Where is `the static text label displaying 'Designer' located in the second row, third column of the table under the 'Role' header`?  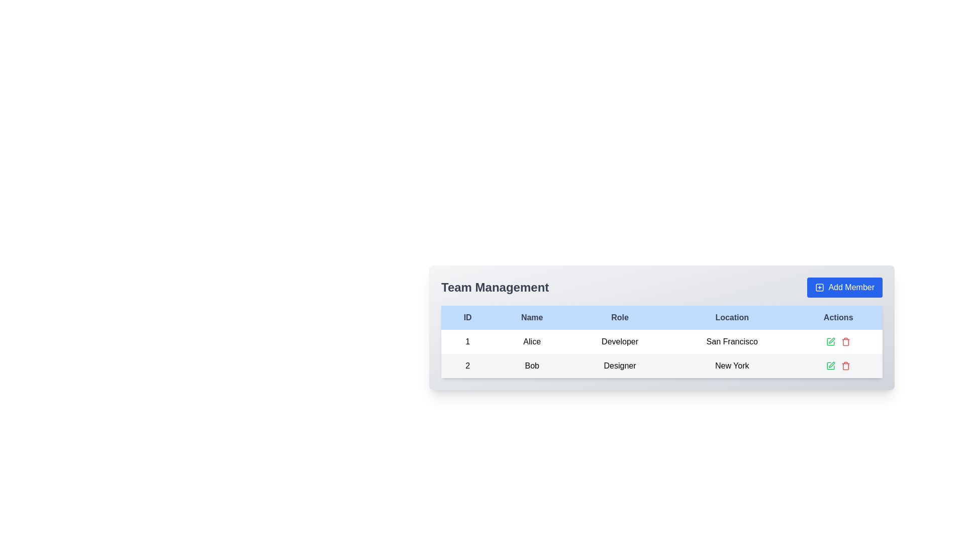
the static text label displaying 'Designer' located in the second row, third column of the table under the 'Role' header is located at coordinates (619, 366).